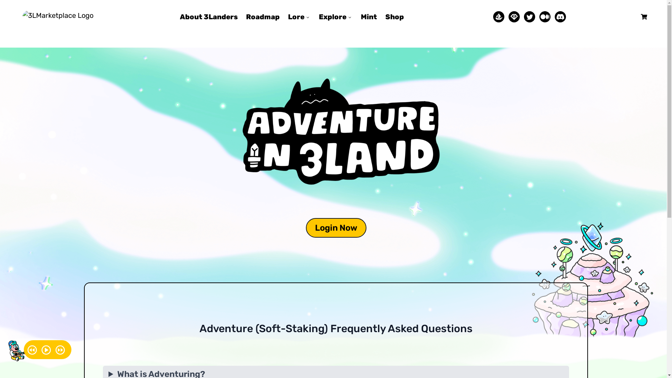  I want to click on 'Lore', so click(299, 16).